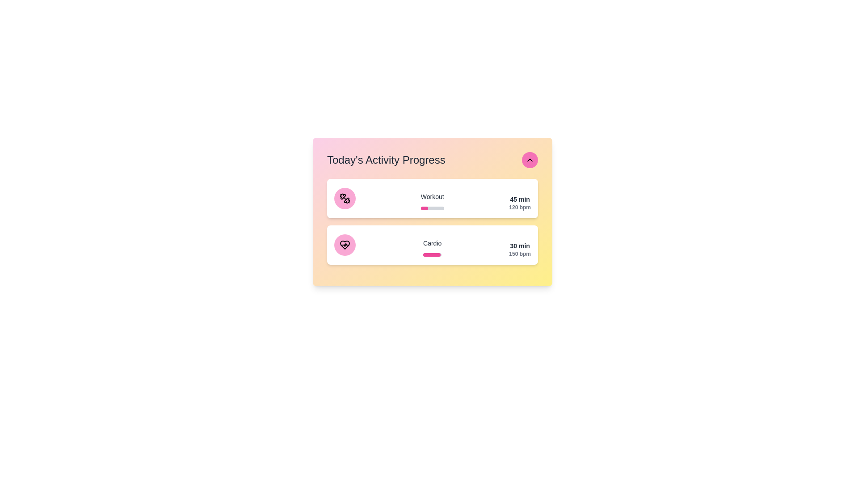  What do you see at coordinates (432, 201) in the screenshot?
I see `the 'Workout' text label, which is displayed in a dark, bold font within a light-colored card above a pink progress bar in the 'Today's Activity Progress' section` at bounding box center [432, 201].